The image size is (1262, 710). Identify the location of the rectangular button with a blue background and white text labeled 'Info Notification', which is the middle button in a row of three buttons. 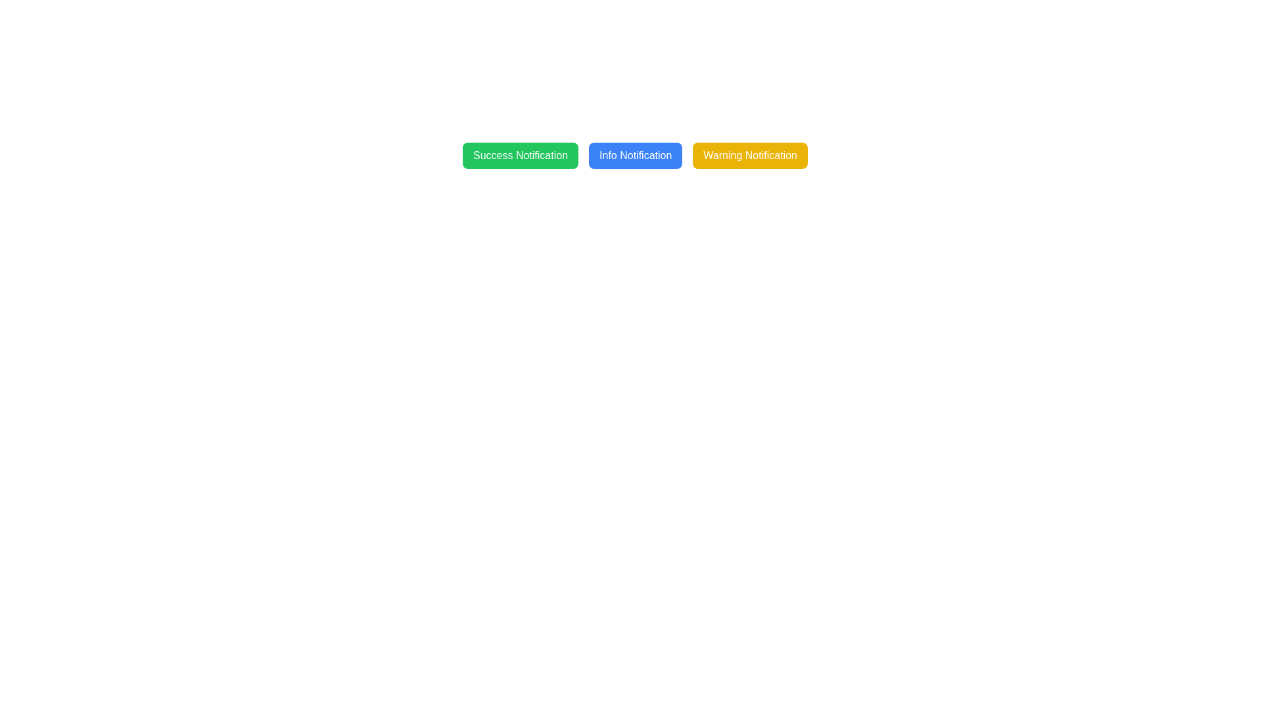
(636, 154).